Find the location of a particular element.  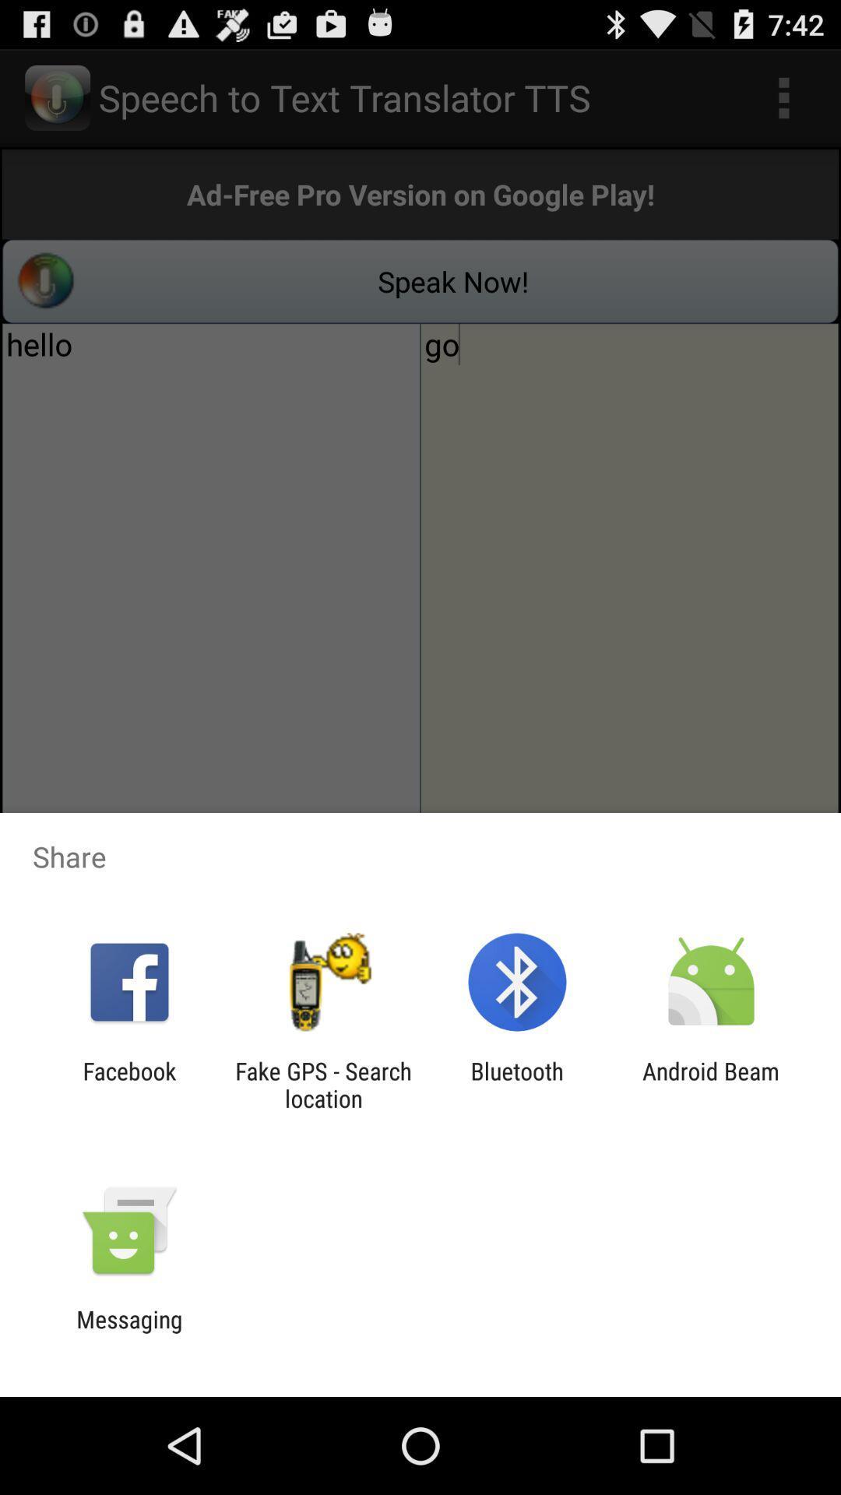

android beam item is located at coordinates (711, 1084).